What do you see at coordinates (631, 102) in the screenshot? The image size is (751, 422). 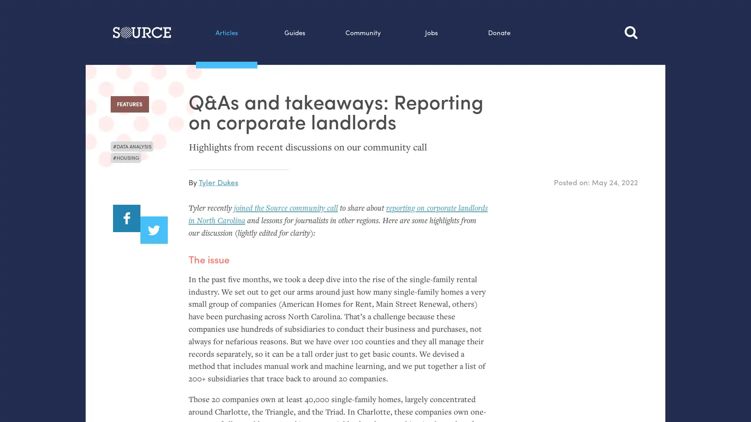 I see `Search` at bounding box center [631, 102].